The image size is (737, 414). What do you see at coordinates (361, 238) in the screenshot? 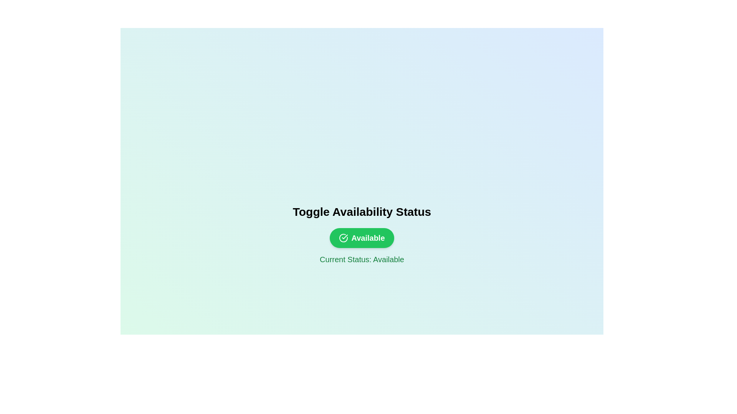
I see `the 'Available' button to toggle the availability status` at bounding box center [361, 238].